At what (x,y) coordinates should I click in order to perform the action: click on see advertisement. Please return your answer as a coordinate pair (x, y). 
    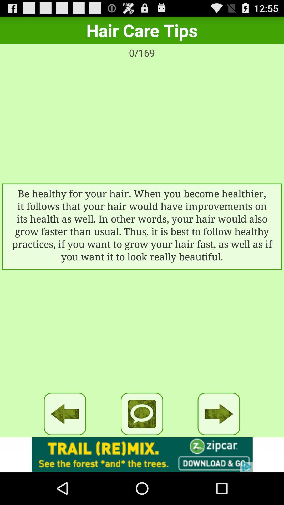
    Looking at the image, I should click on (142, 454).